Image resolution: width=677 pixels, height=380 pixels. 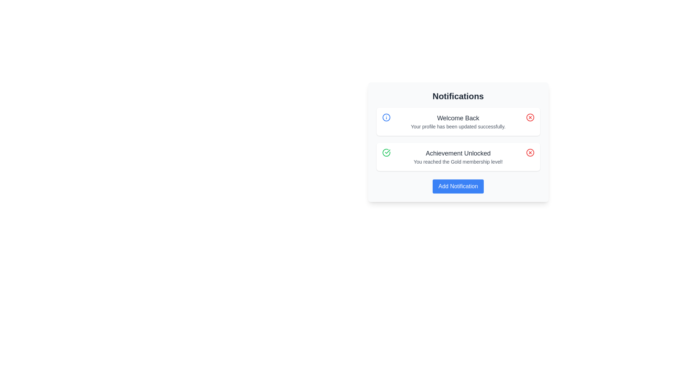 I want to click on the text label stating 'Your profile has been updated successfully.' which is located below the 'Welcome Back' header in the Notifications section, so click(x=458, y=126).